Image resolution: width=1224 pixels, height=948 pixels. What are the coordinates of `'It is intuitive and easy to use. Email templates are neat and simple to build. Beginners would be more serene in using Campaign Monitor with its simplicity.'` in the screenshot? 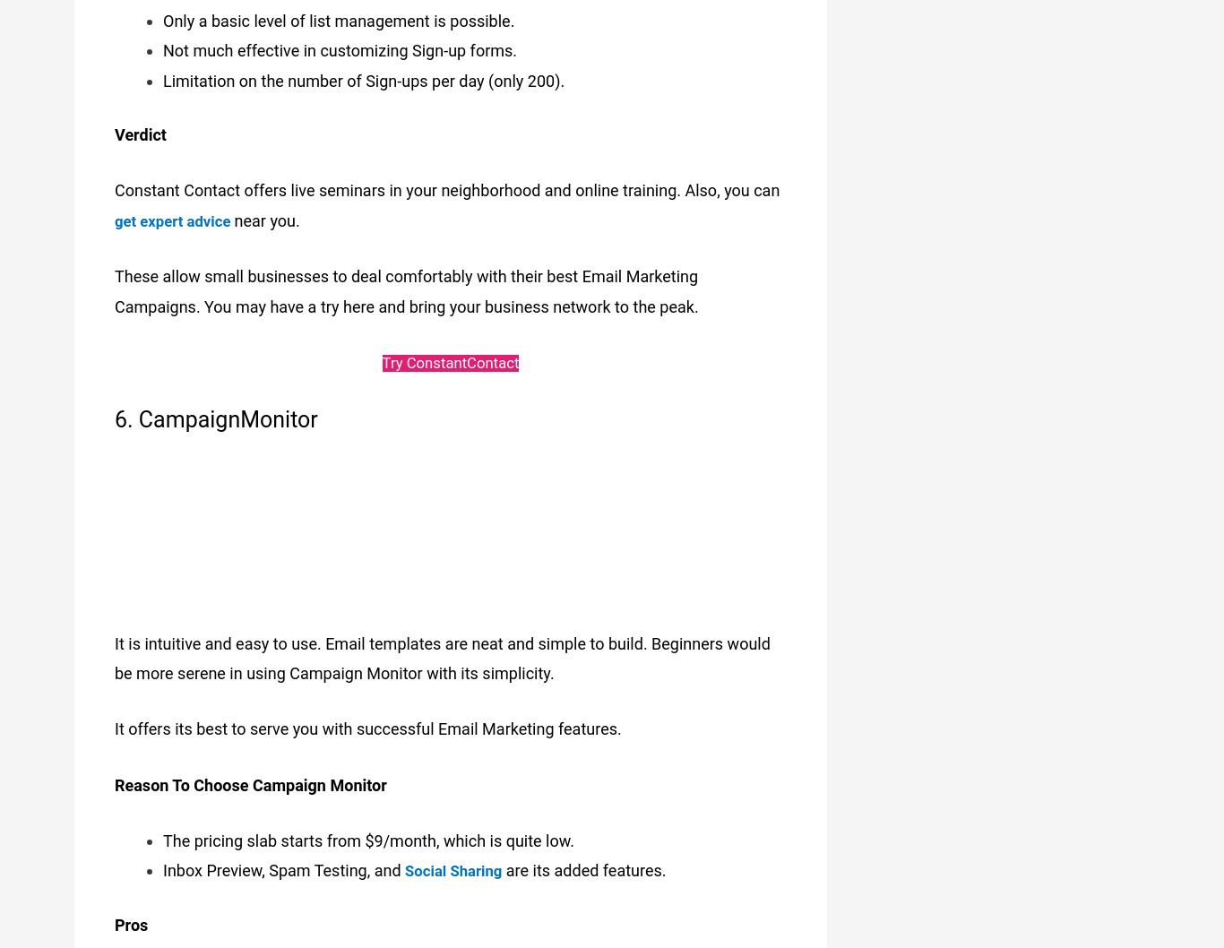 It's located at (113, 648).